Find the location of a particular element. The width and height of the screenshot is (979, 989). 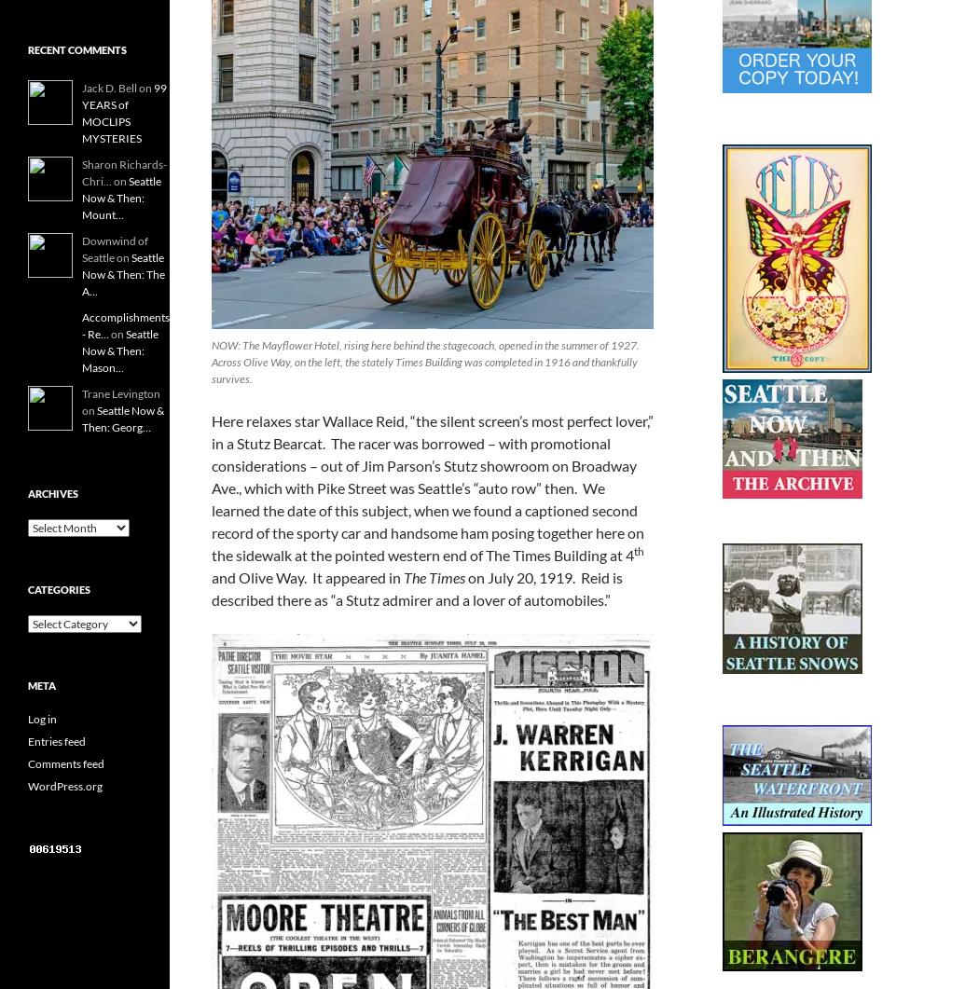

'WordPress.org' is located at coordinates (64, 786).